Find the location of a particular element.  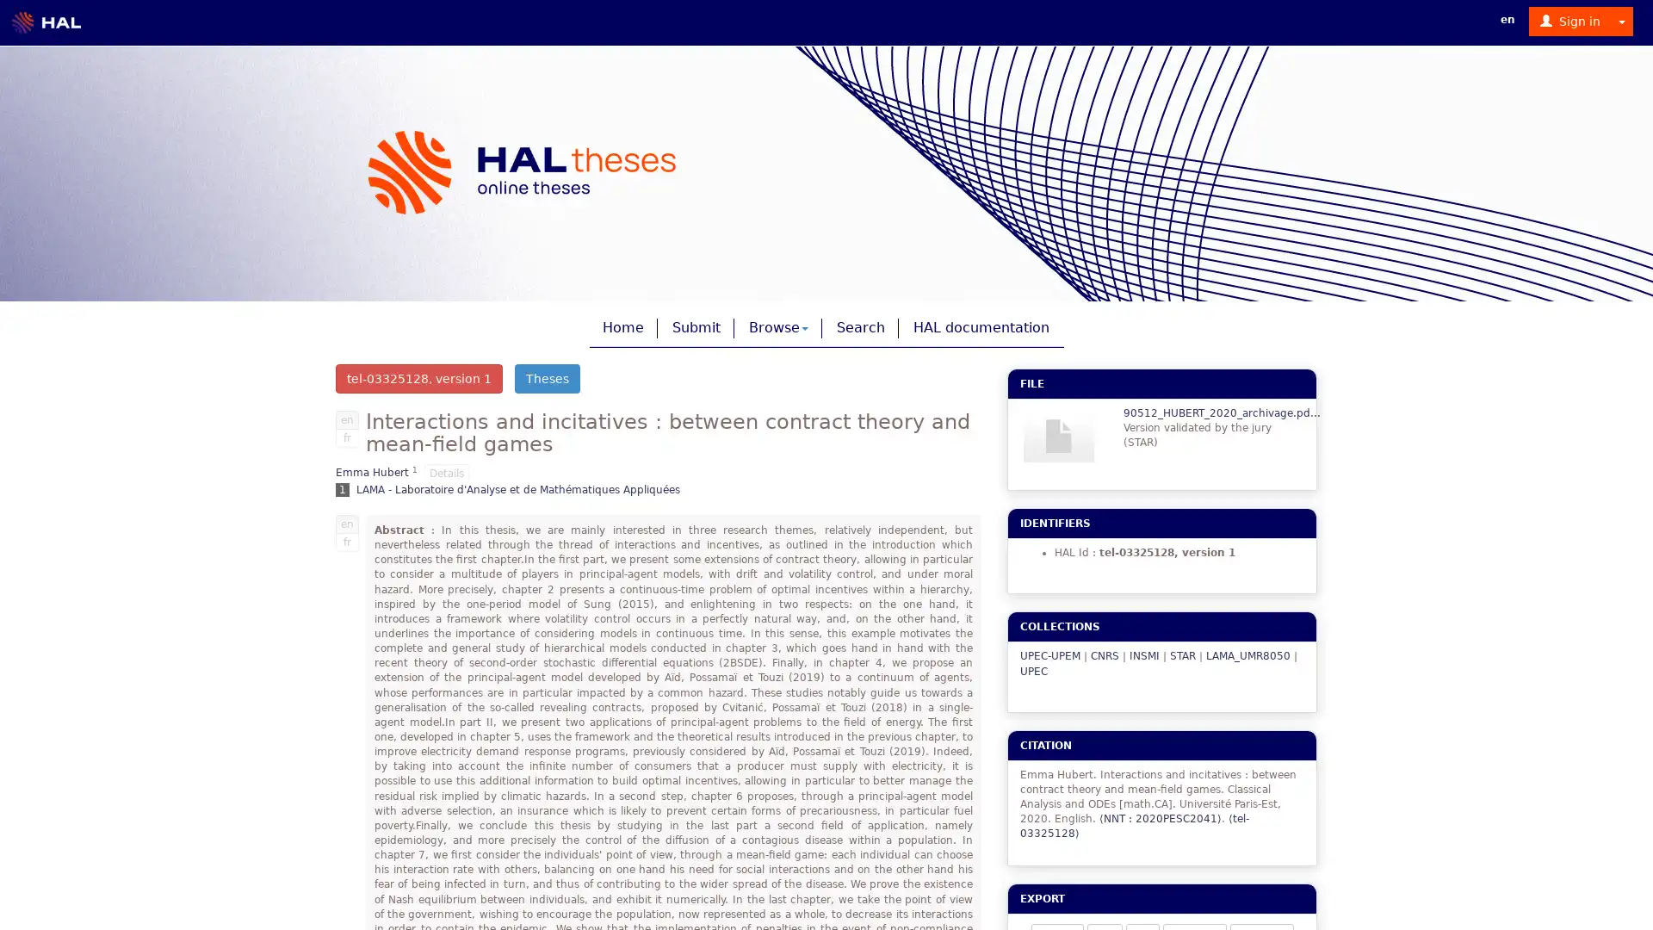

en is located at coordinates (346, 523).